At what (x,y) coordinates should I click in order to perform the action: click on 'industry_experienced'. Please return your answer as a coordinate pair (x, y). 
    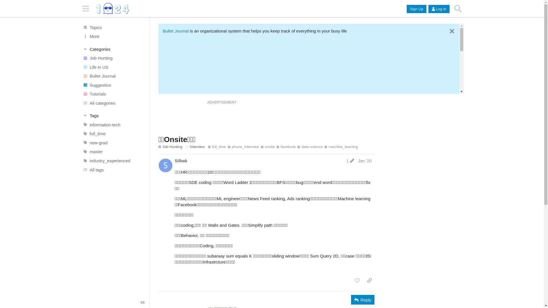
    Looking at the image, I should click on (113, 161).